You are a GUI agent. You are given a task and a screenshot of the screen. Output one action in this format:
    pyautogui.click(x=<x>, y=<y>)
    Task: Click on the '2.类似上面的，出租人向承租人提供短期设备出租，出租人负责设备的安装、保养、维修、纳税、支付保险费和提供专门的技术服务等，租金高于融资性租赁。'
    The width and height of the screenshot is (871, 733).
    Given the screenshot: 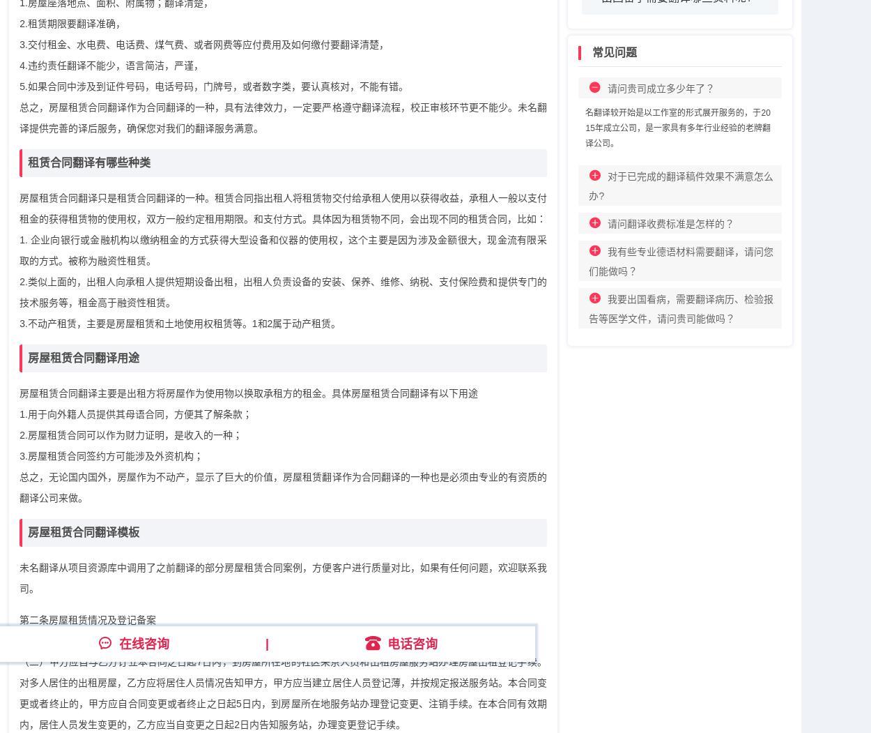 What is the action you would take?
    pyautogui.click(x=283, y=291)
    